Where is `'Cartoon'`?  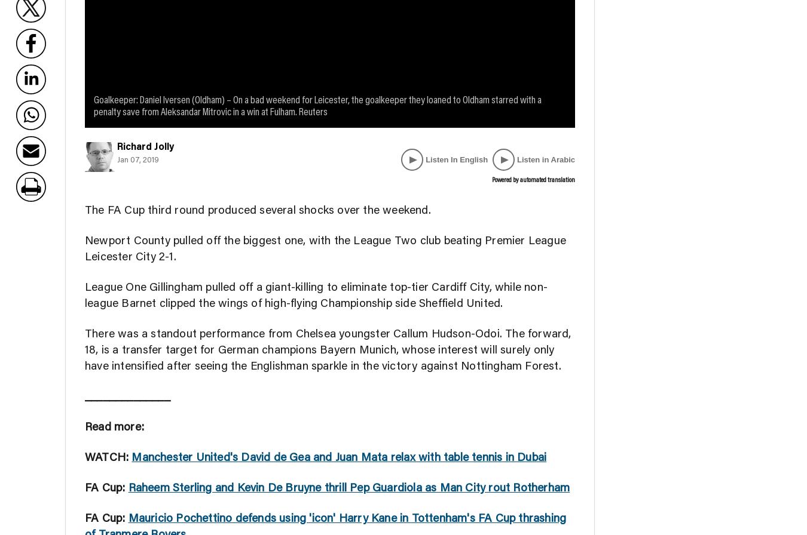
'Cartoon' is located at coordinates (340, 49).